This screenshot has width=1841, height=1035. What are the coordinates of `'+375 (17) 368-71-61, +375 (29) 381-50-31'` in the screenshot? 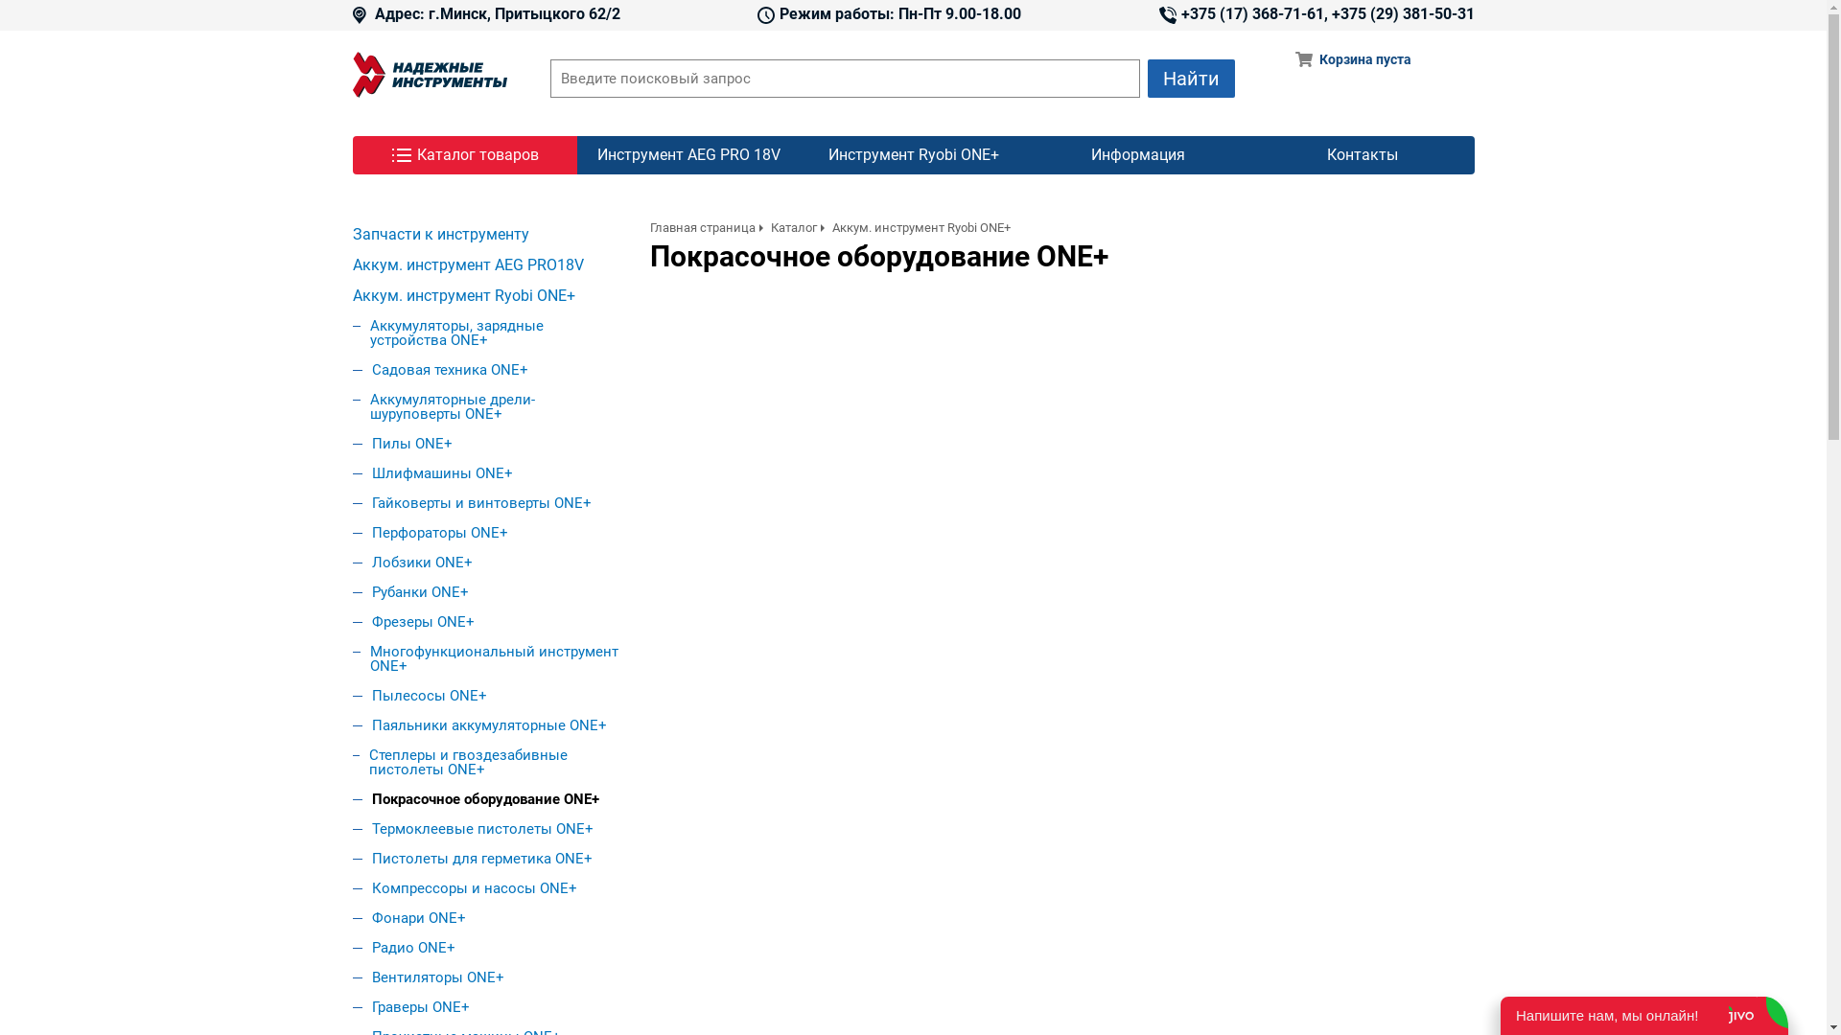 It's located at (1315, 14).